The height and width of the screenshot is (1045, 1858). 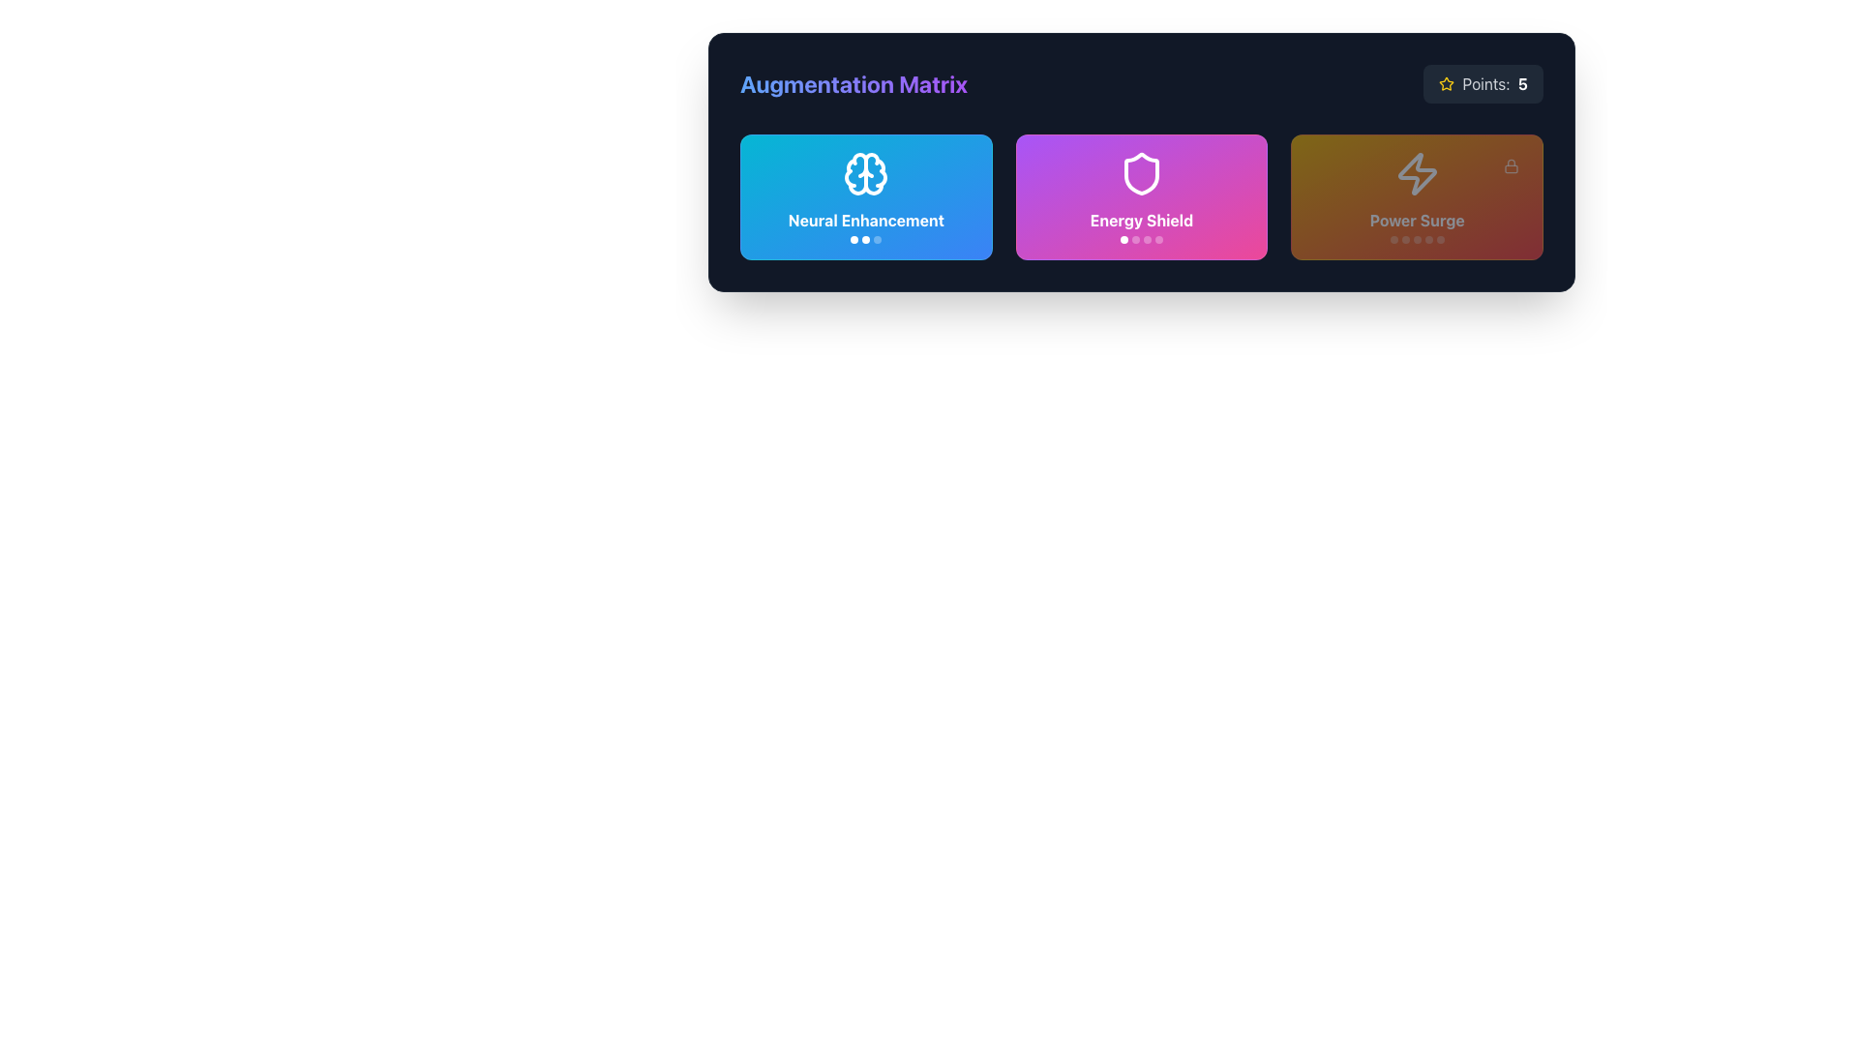 I want to click on the icon representing brain enhancement within the 'Neural Enhancement' card, positioned at the top-middle of the blue card, so click(x=855, y=174).